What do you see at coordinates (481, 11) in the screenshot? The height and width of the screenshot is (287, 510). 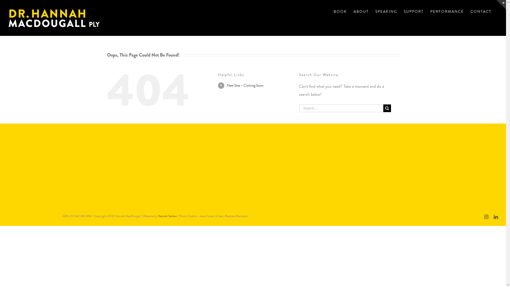 I see `'CONTACT'` at bounding box center [481, 11].